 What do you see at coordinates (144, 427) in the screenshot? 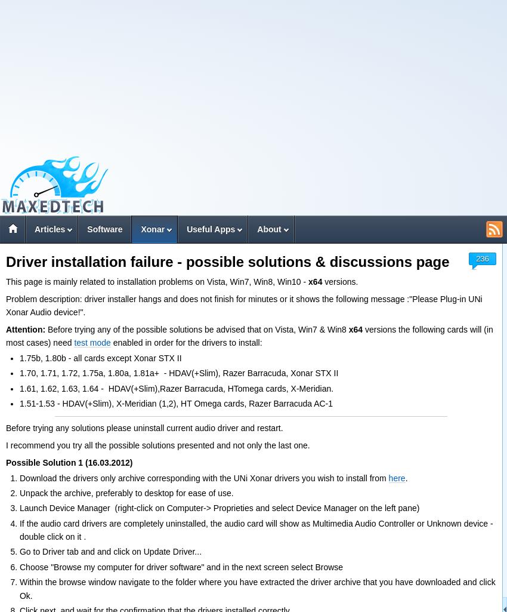
I see `'Before trying any solutions please uninstall current audio driver and restart.'` at bounding box center [144, 427].